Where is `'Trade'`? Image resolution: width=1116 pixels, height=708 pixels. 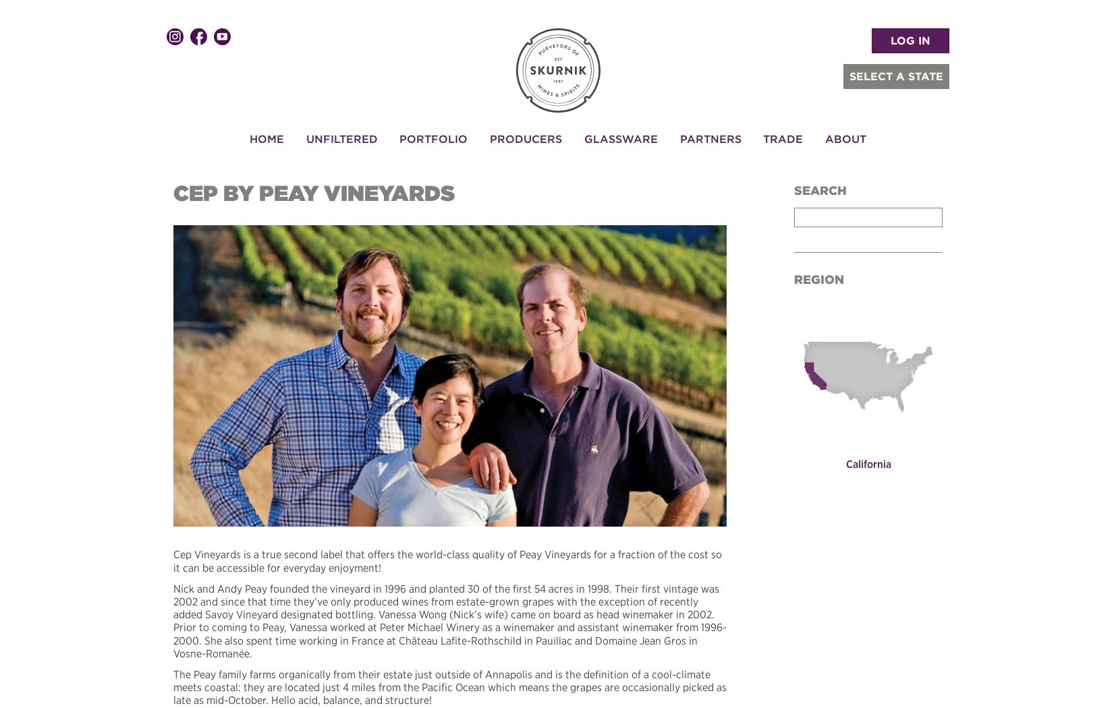
'Trade' is located at coordinates (782, 137).